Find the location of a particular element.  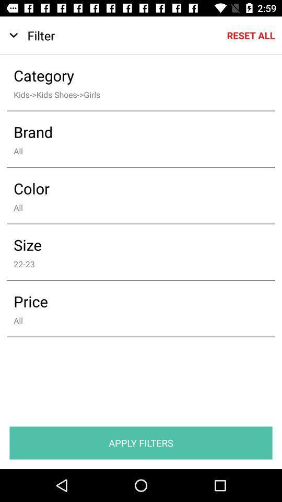

the icon below the all icon is located at coordinates (134, 188).